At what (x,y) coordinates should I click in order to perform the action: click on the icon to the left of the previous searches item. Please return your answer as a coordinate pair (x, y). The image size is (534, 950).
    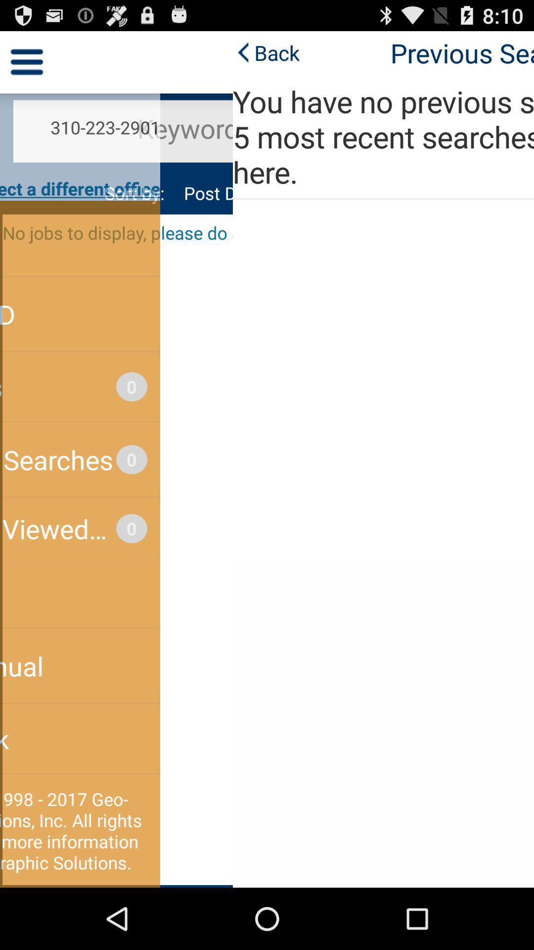
    Looking at the image, I should click on (33, 52).